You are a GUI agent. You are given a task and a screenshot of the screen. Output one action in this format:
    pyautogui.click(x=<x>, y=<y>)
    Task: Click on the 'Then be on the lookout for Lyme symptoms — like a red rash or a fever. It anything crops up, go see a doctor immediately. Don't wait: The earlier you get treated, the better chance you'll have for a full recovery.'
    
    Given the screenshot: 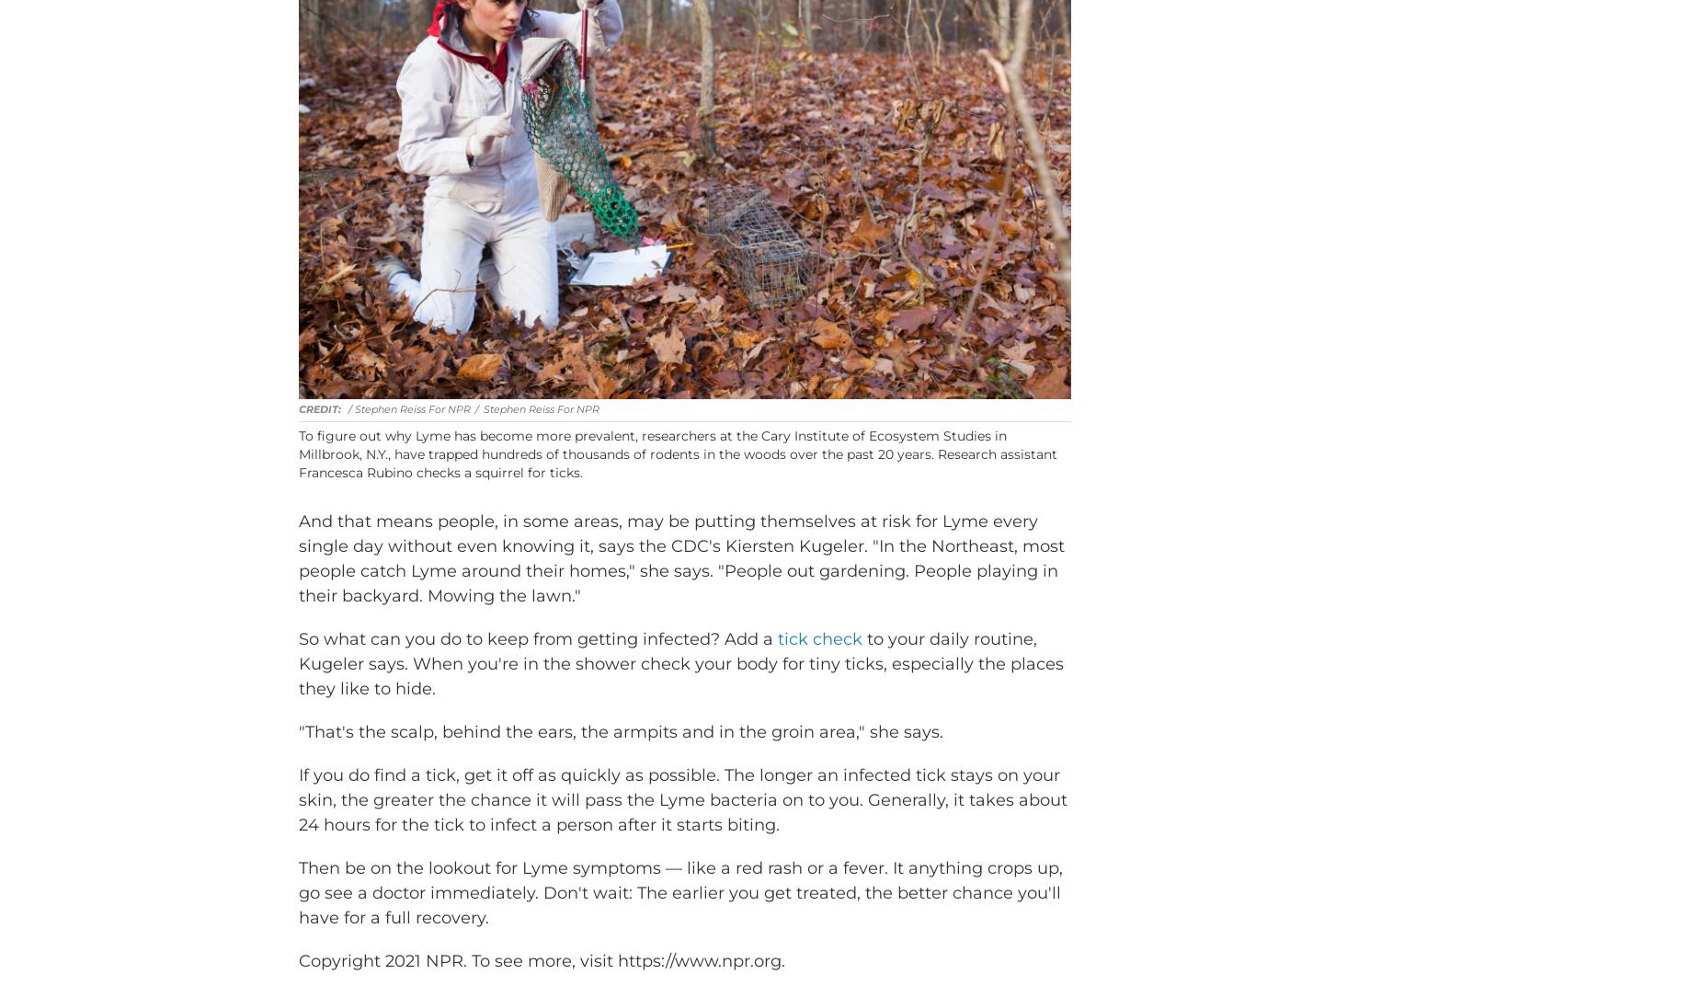 What is the action you would take?
    pyautogui.click(x=680, y=918)
    